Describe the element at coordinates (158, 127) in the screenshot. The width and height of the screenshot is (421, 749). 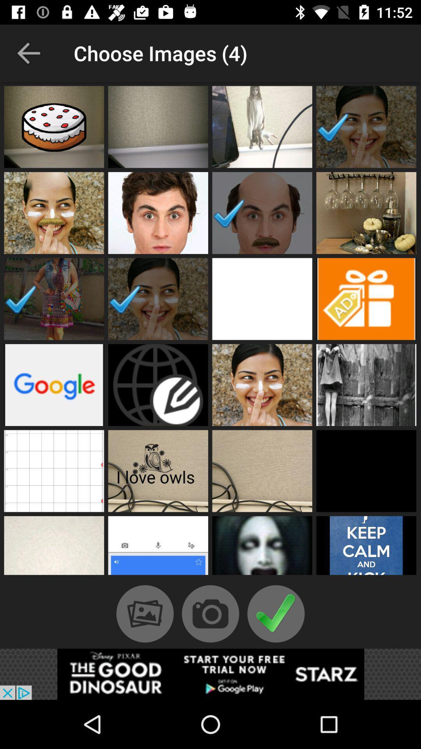
I see `image selection` at that location.